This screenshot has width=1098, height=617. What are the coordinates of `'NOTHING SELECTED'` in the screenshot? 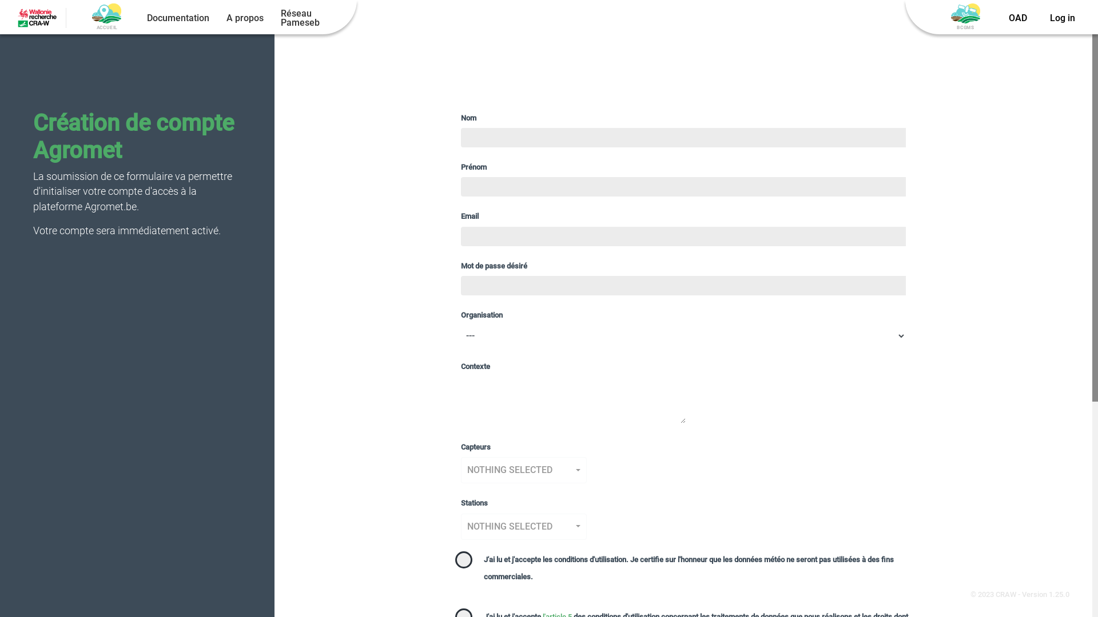 It's located at (523, 526).